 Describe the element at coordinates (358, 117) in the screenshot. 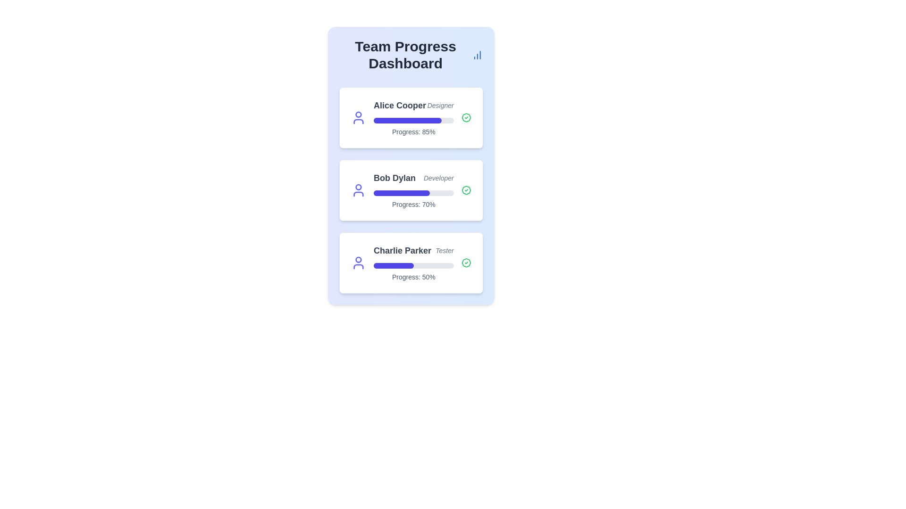

I see `the user icon representing 'Alice Cooper' located on the top card of the vertical list in the dashboard` at that location.